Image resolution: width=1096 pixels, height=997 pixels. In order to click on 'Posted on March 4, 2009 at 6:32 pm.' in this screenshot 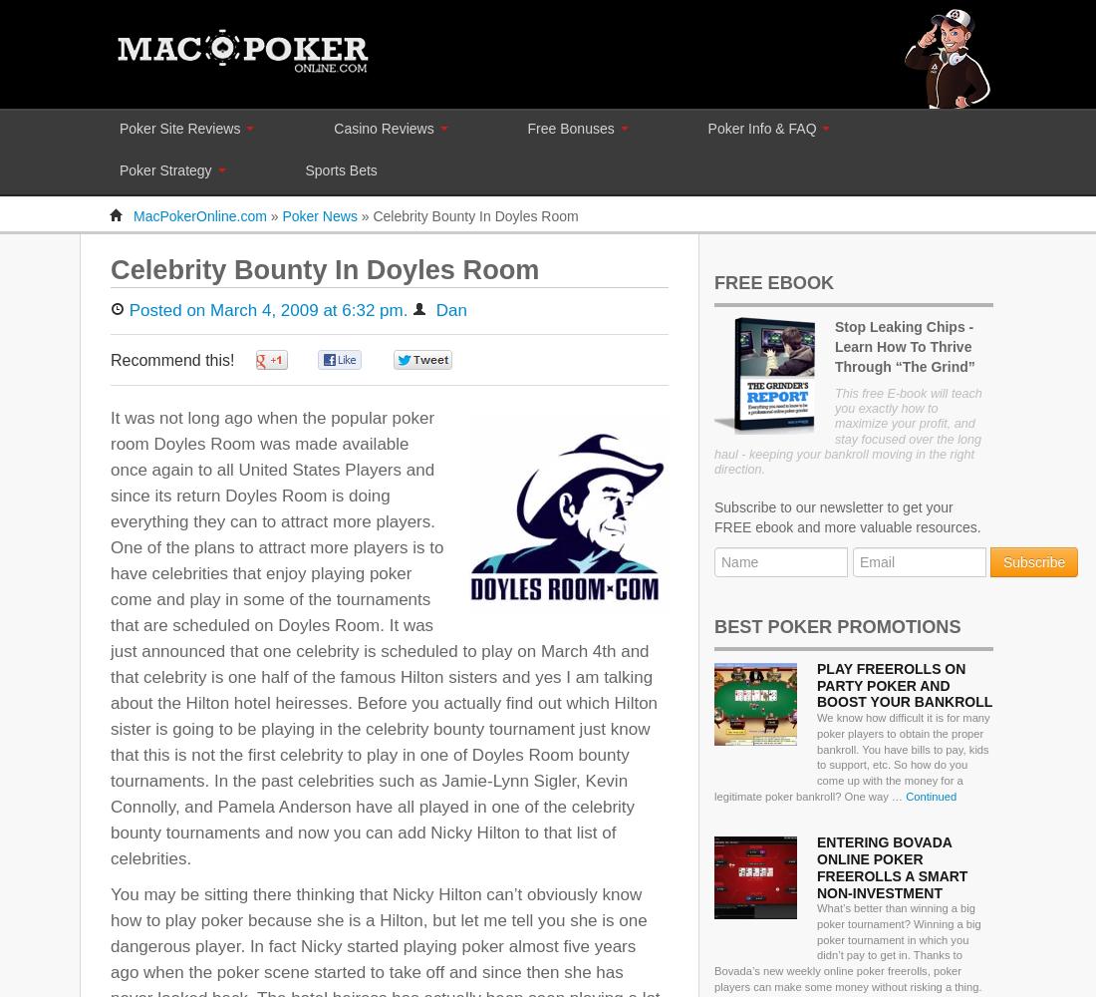, I will do `click(129, 309)`.